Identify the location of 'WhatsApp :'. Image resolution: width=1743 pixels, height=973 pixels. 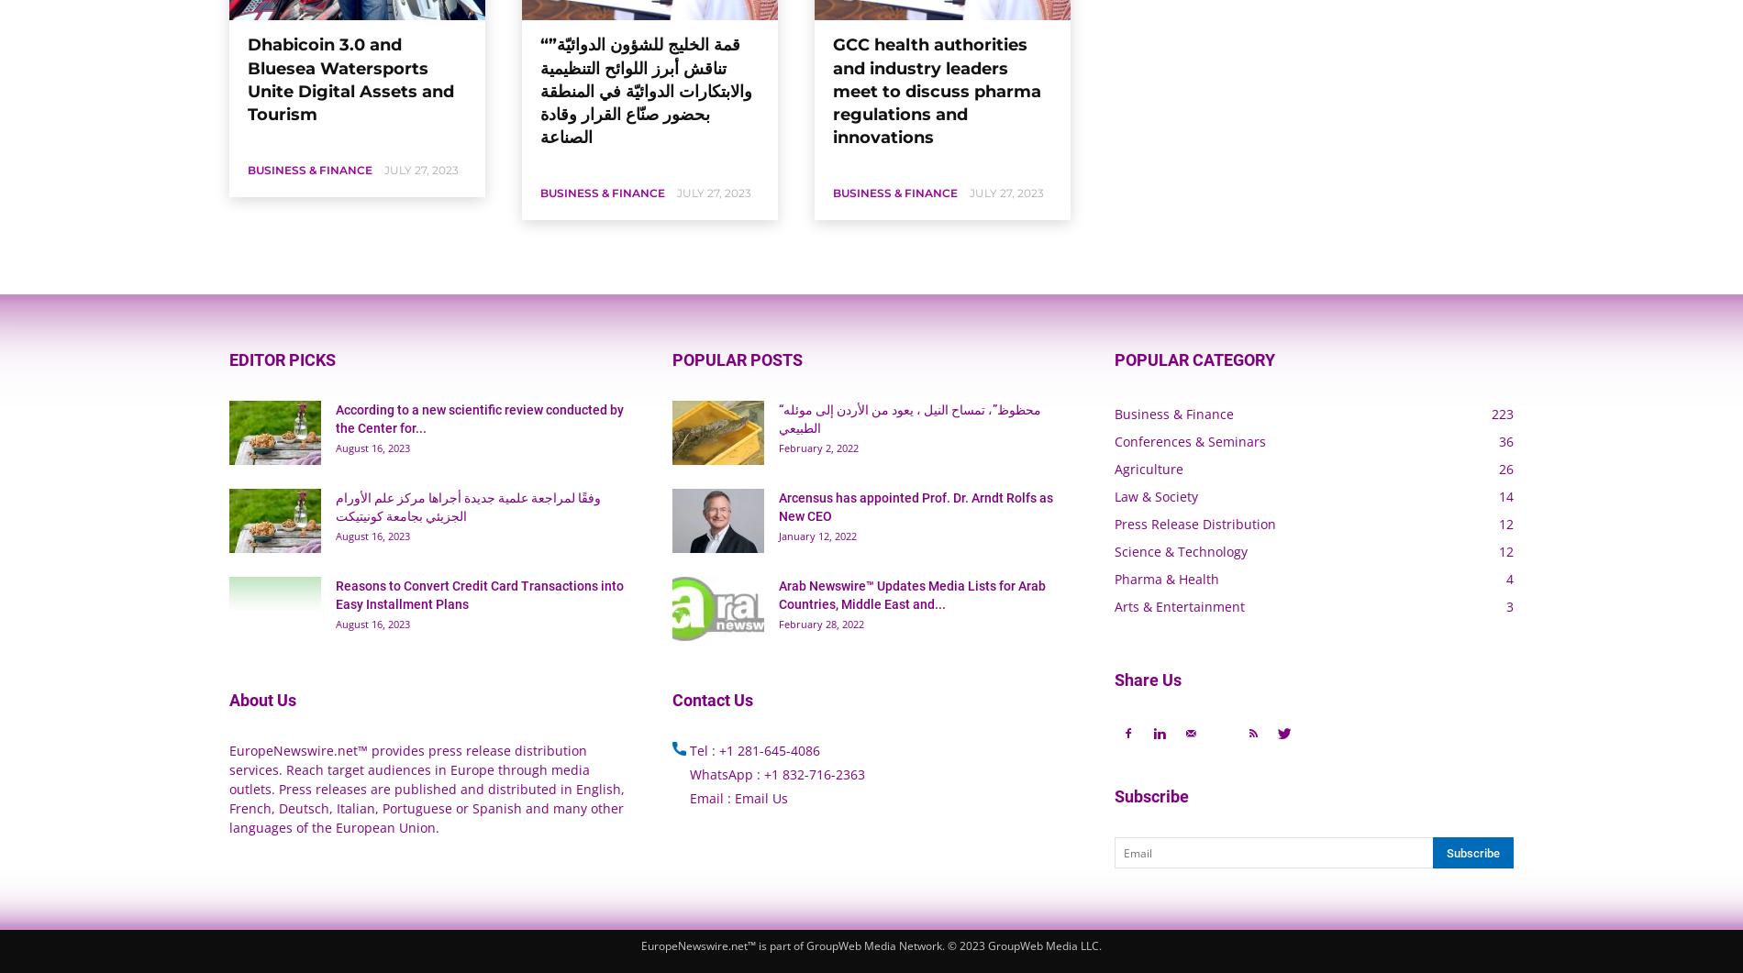
(723, 774).